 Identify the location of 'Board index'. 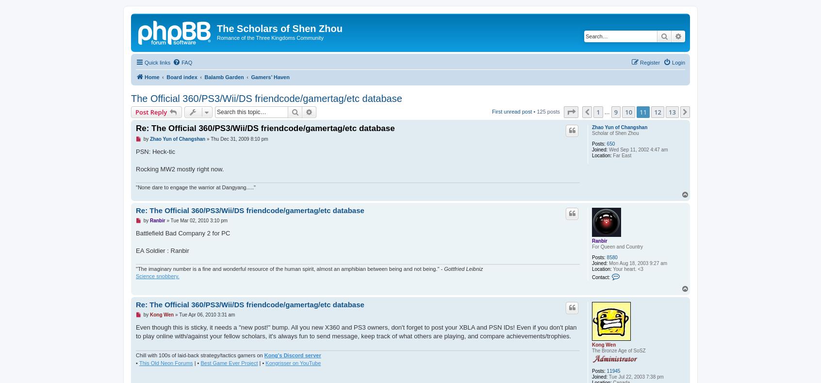
(165, 76).